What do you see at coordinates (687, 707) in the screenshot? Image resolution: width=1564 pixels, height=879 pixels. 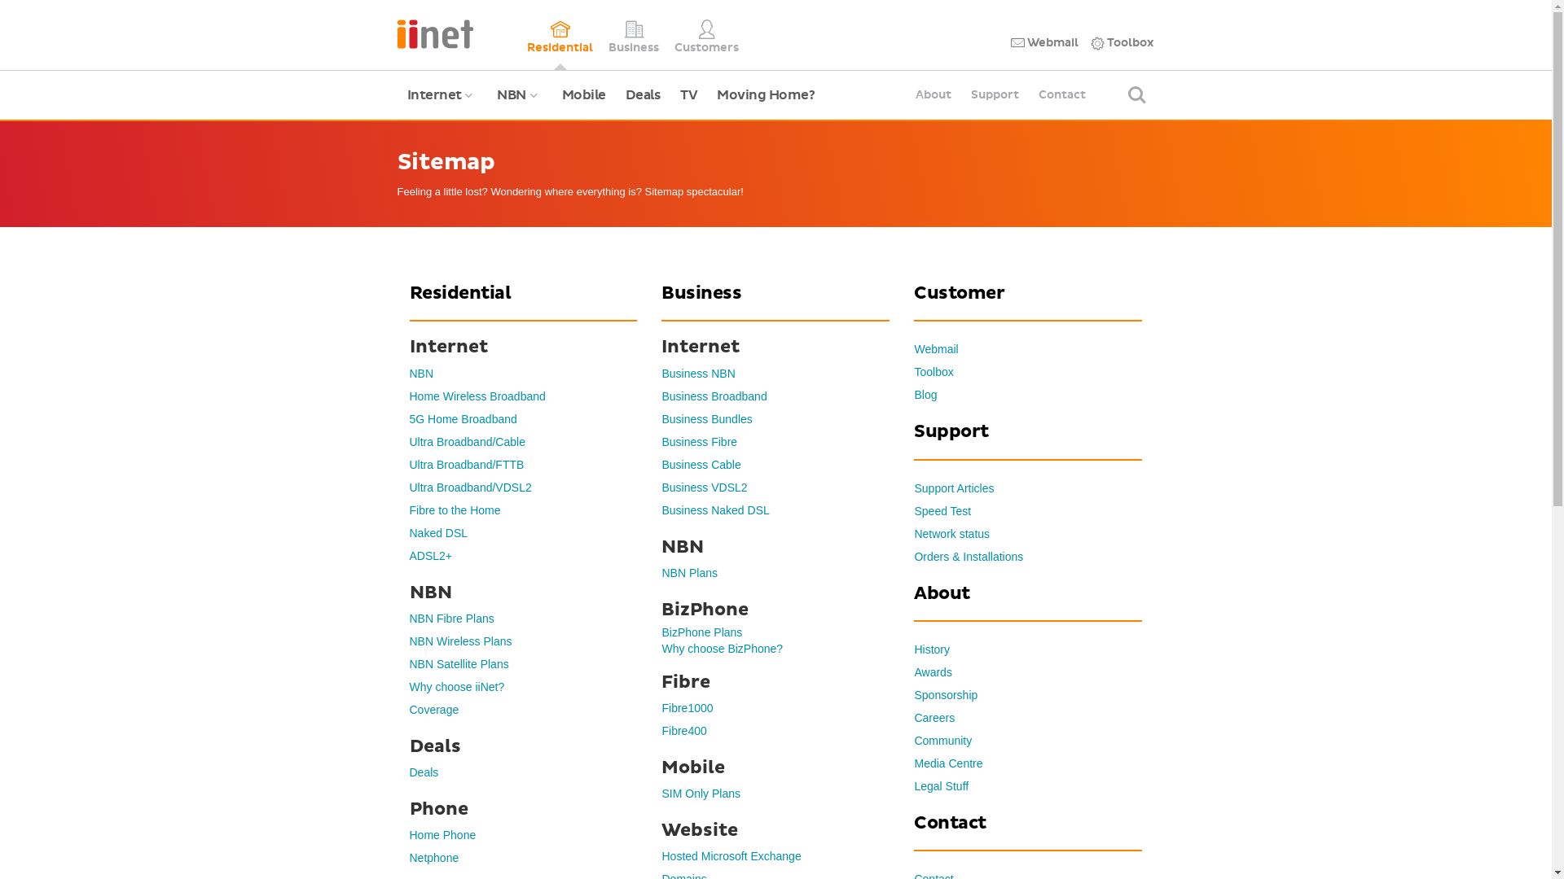 I see `'Fibre1000'` at bounding box center [687, 707].